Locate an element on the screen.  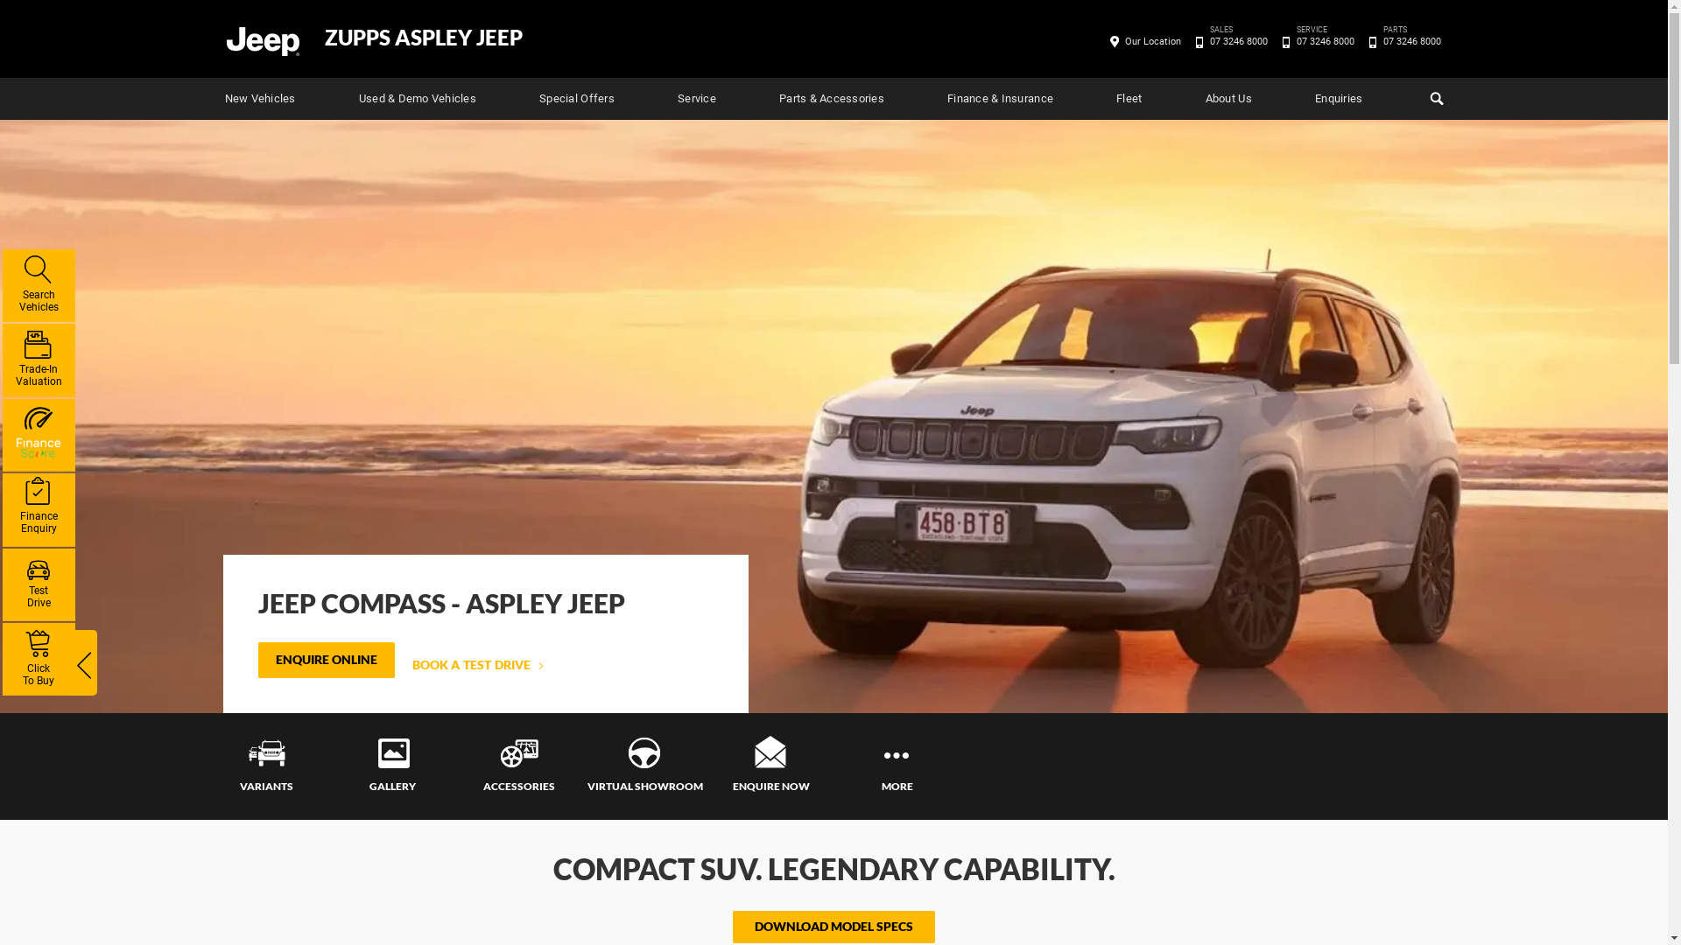
'MORE' is located at coordinates (832, 765).